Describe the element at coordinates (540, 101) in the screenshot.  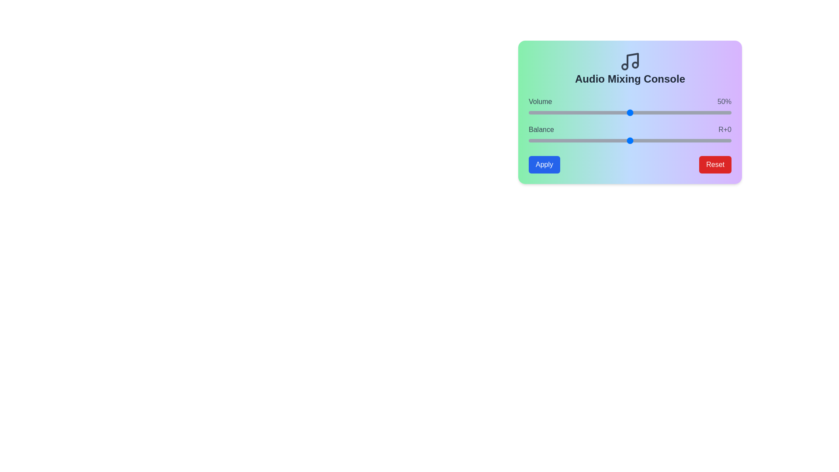
I see `the 'Volume' text label displayed in medium font weight and gray color located in the upper-left section of the panel` at that location.